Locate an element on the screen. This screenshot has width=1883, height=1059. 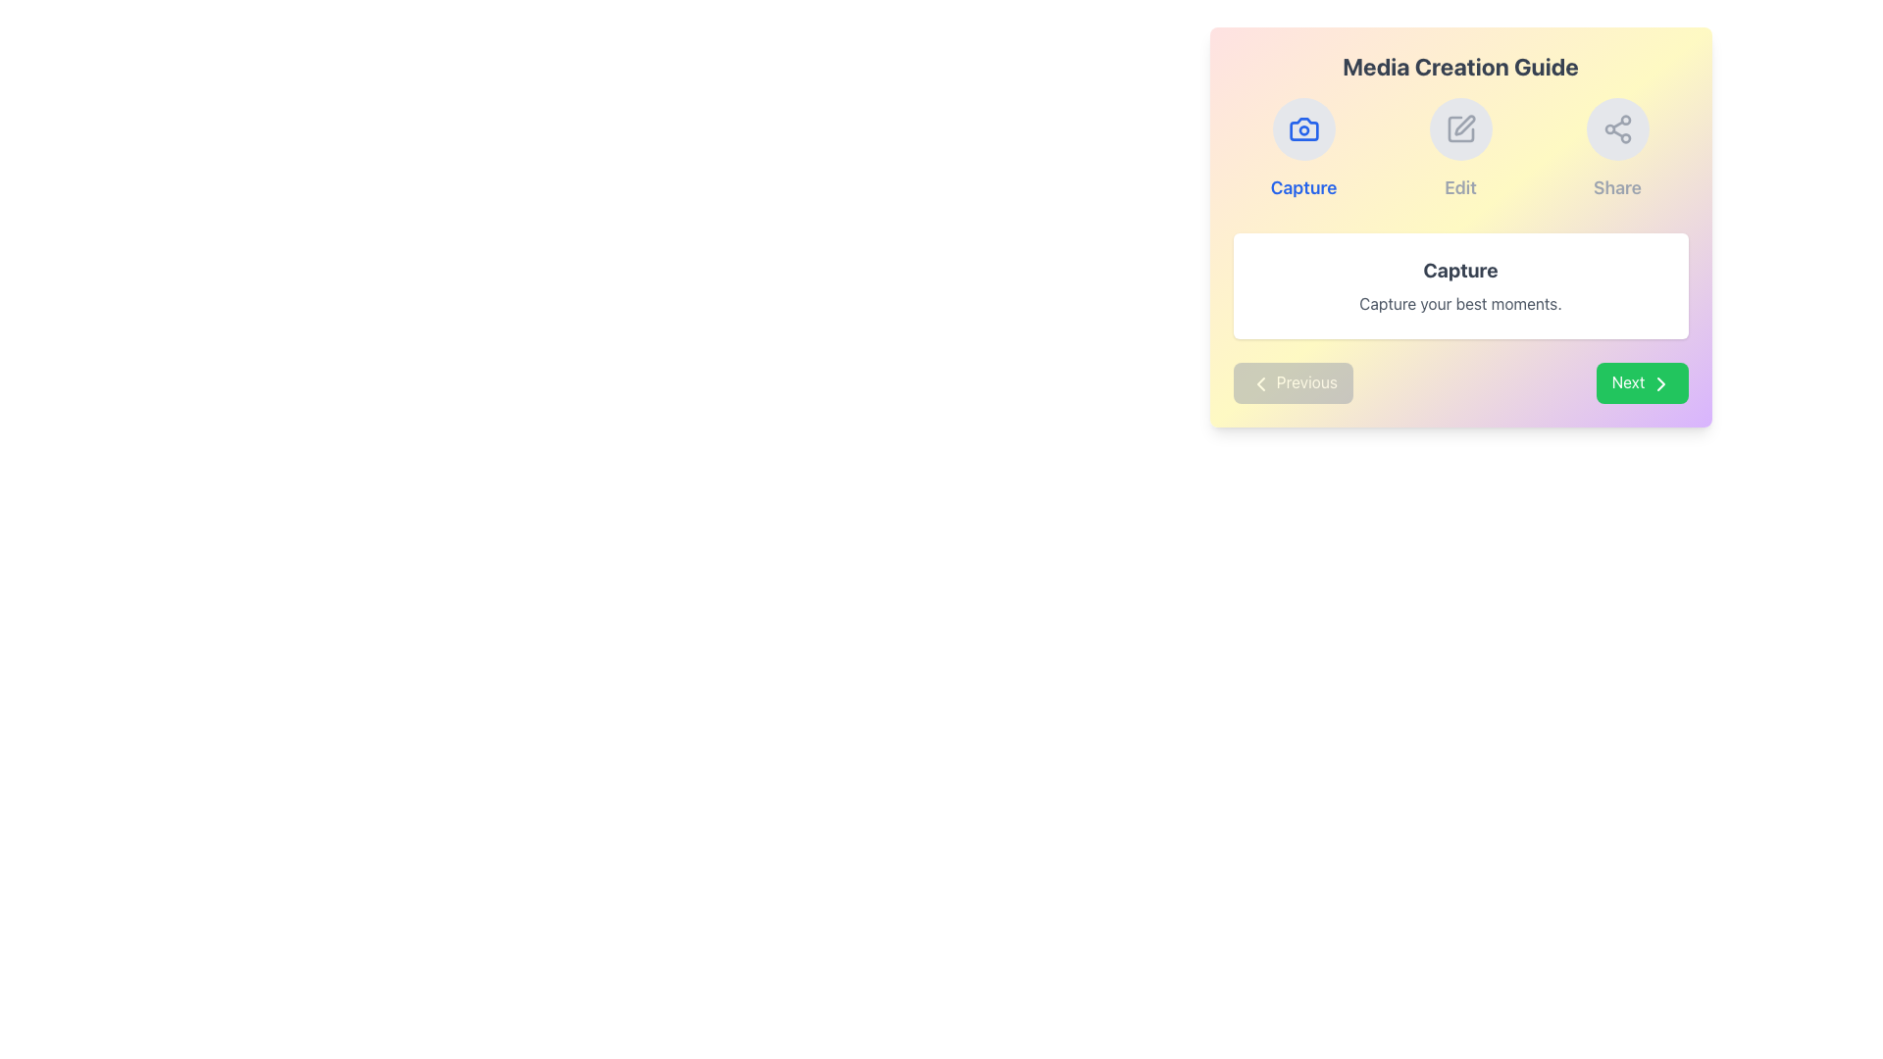
the 'Edit' button, which is a circular gray button with a pen icon, located under the 'Media Creation Guide' section and between the 'Capture' and 'Share' buttons is located at coordinates (1460, 149).